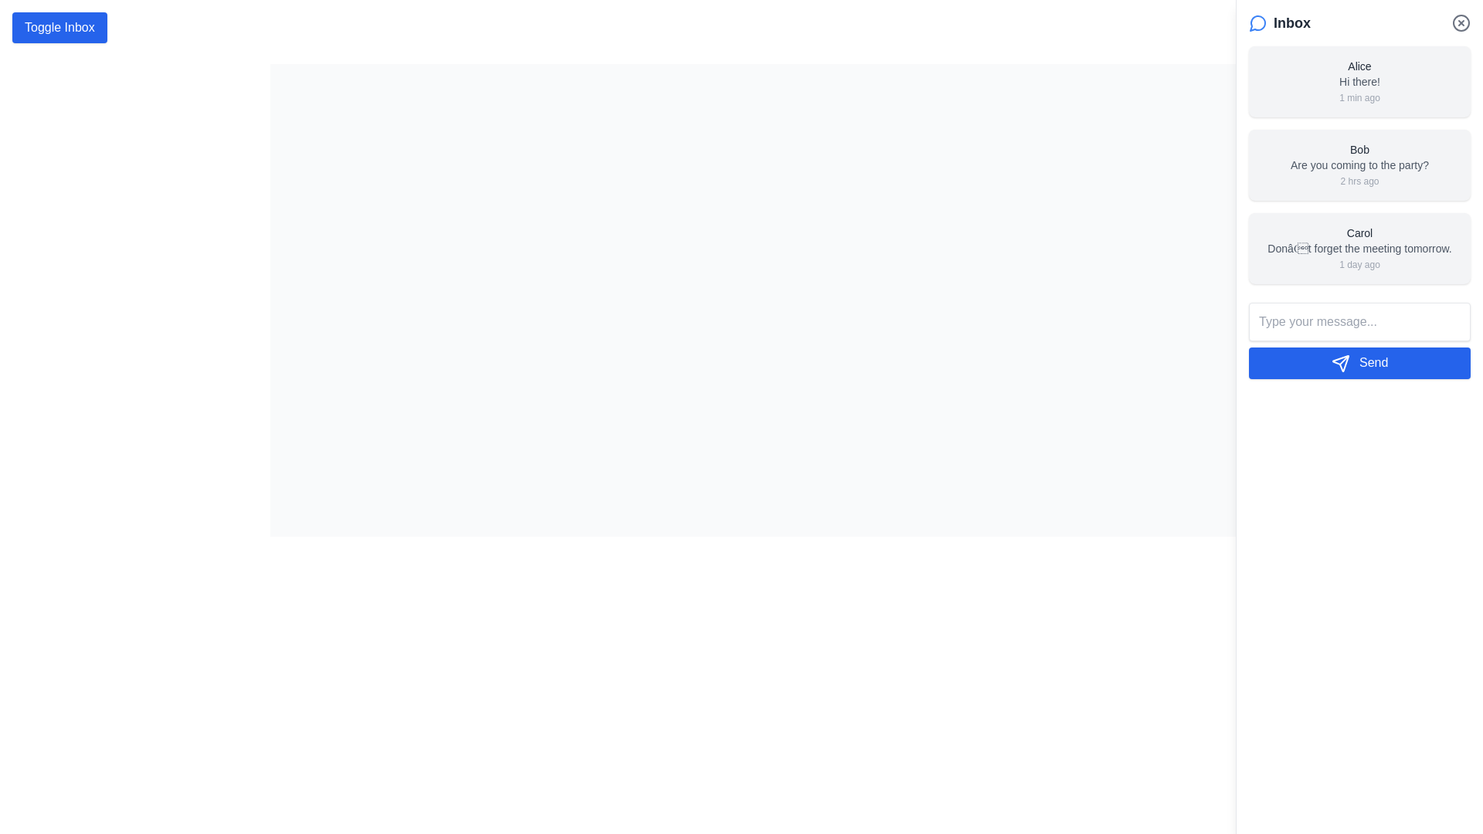  What do you see at coordinates (1359, 164) in the screenshot?
I see `the second message card in the chat or notification interface, which is located below Alice's card and above Carol's card` at bounding box center [1359, 164].